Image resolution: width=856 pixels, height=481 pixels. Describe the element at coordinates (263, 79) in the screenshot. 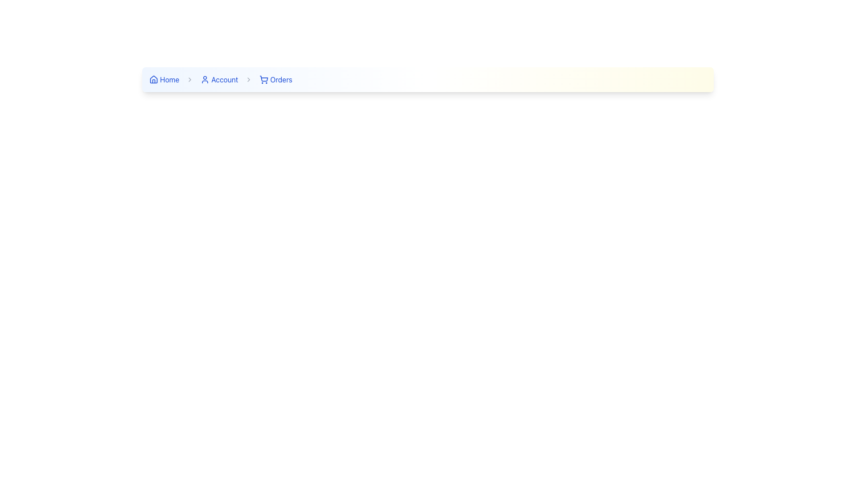

I see `the shopping cart icon, which is styled with thin strokes and blue color, located to the left of the 'Orders' text in the breadcrumb navigation bar` at that location.